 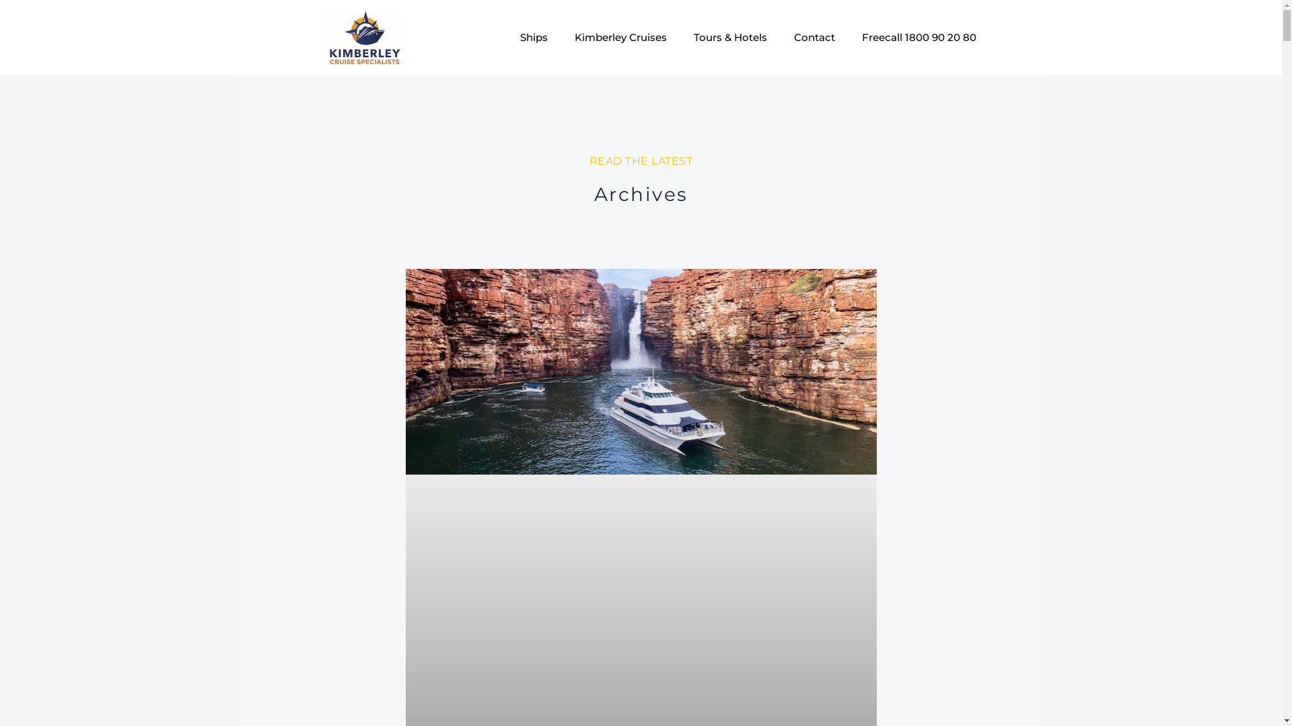 I want to click on 'Ships', so click(x=533, y=37).